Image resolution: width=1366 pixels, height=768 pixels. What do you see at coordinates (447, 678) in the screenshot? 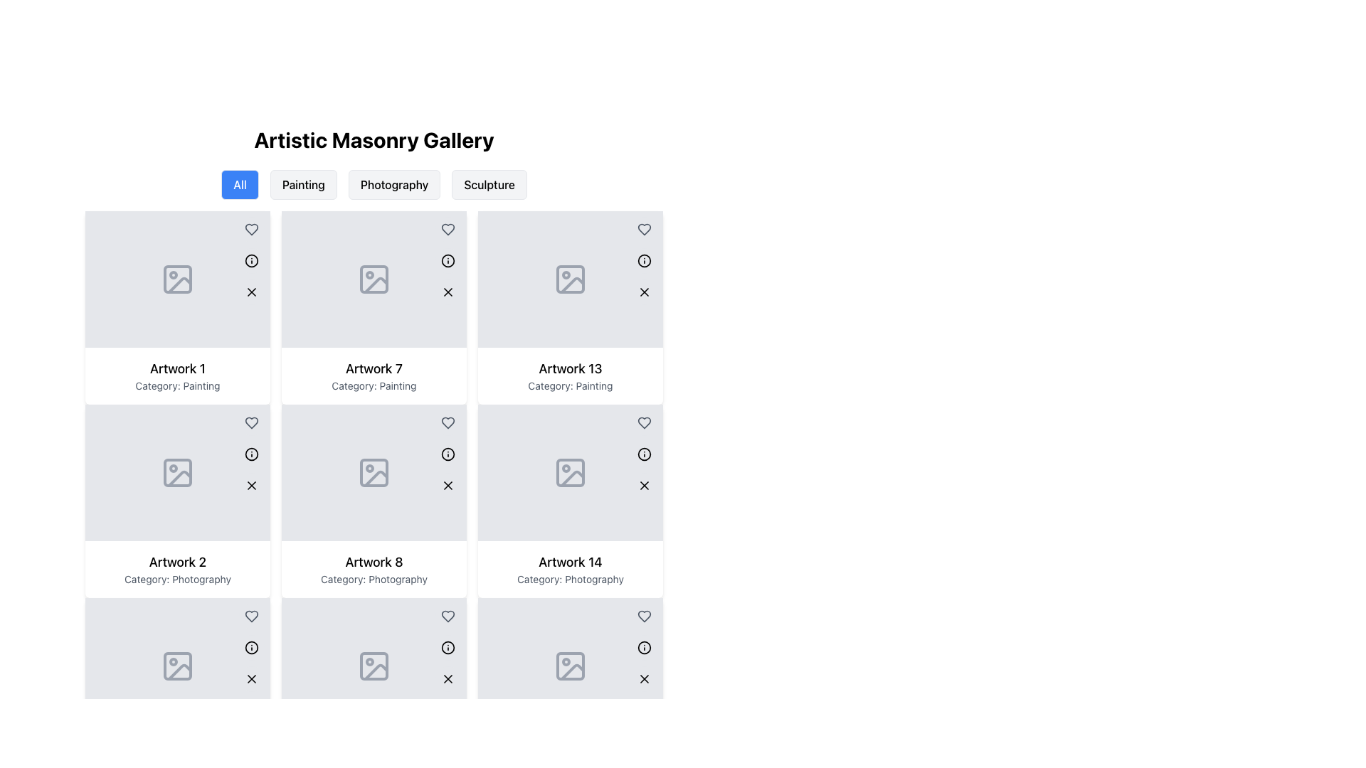
I see `the close button with an icon located at the bottom-right corner of the card labeled 'Artwork 8: Category: Photography'` at bounding box center [447, 678].